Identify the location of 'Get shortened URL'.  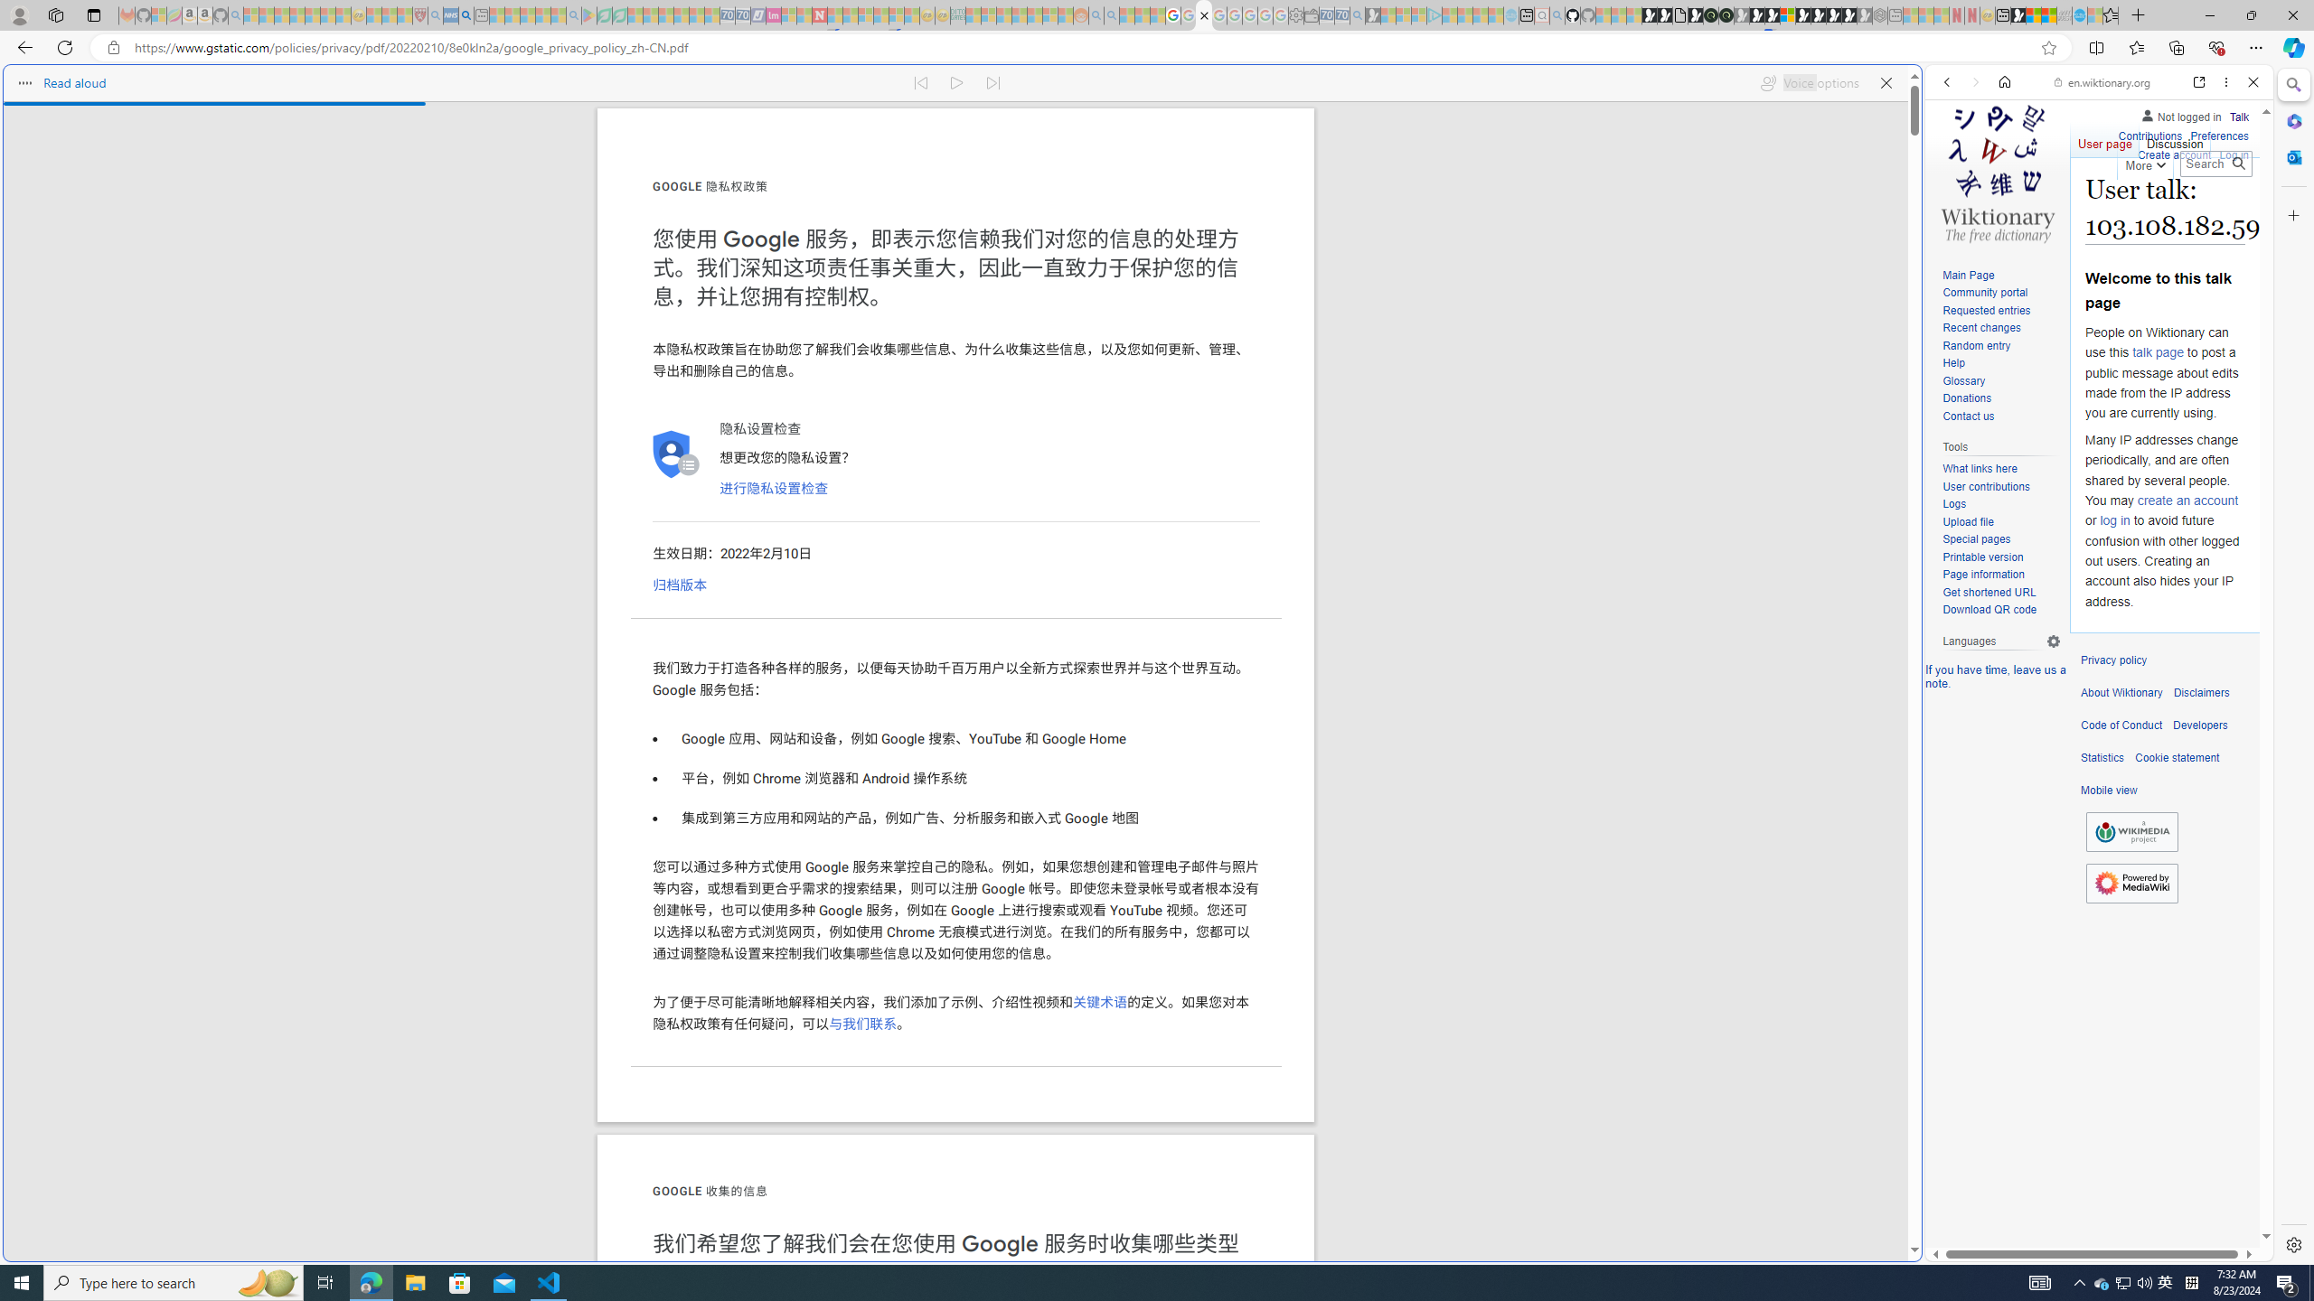
(1989, 591).